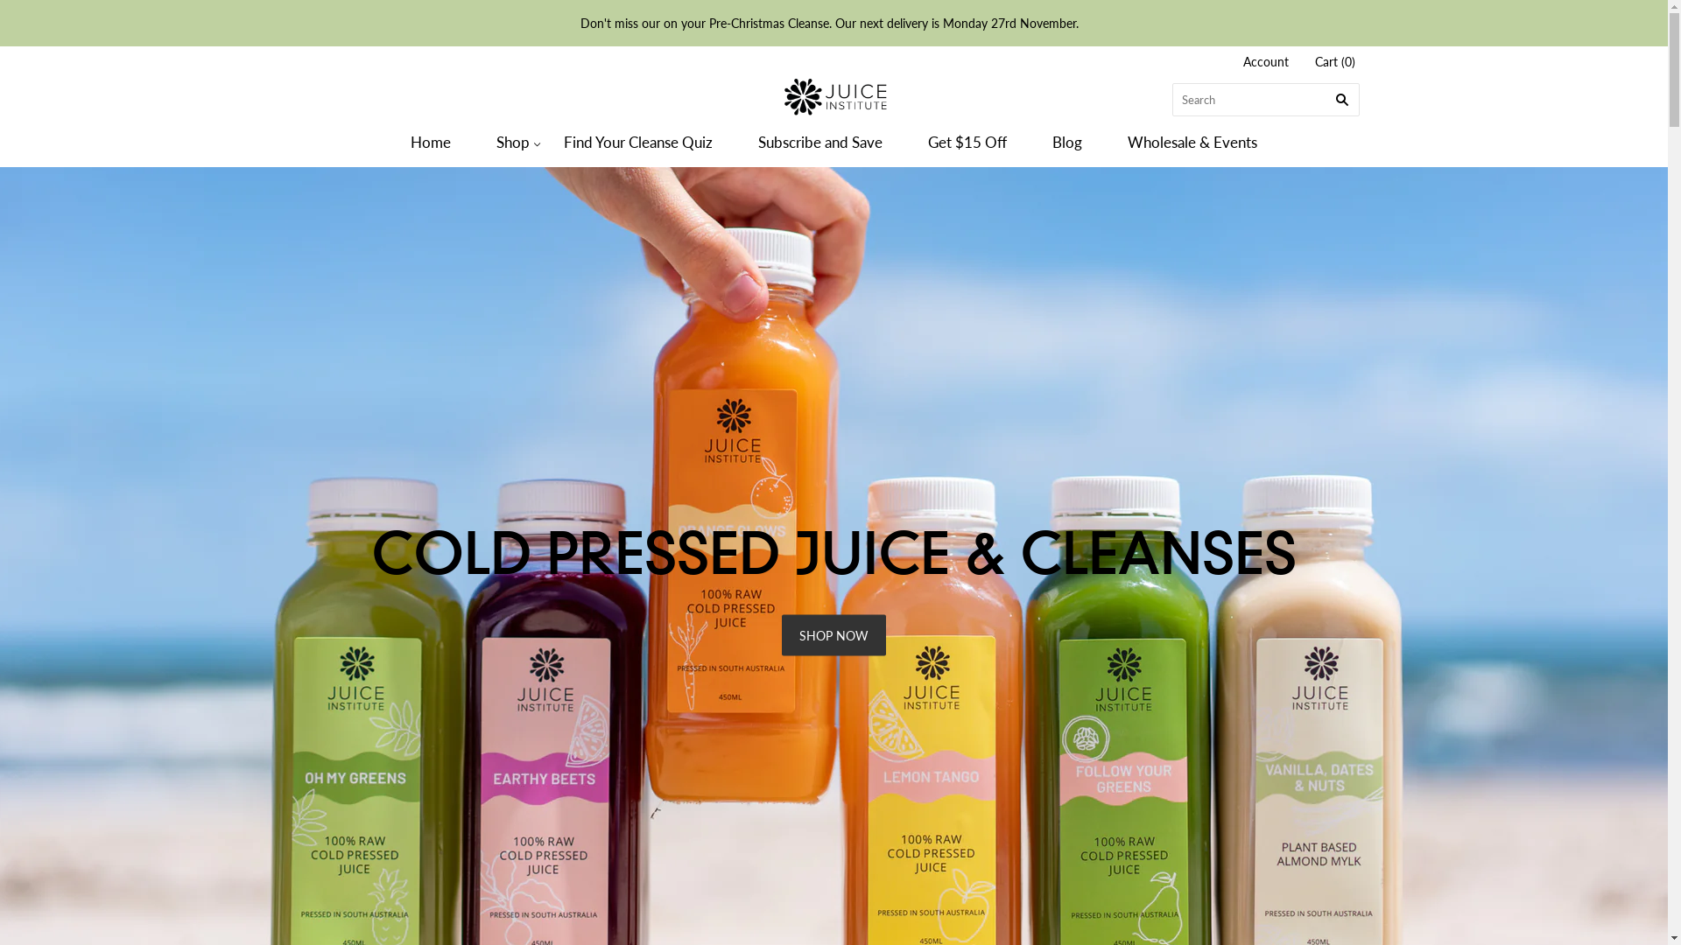 The width and height of the screenshot is (1681, 945). I want to click on 'Get $15 Off', so click(966, 141).